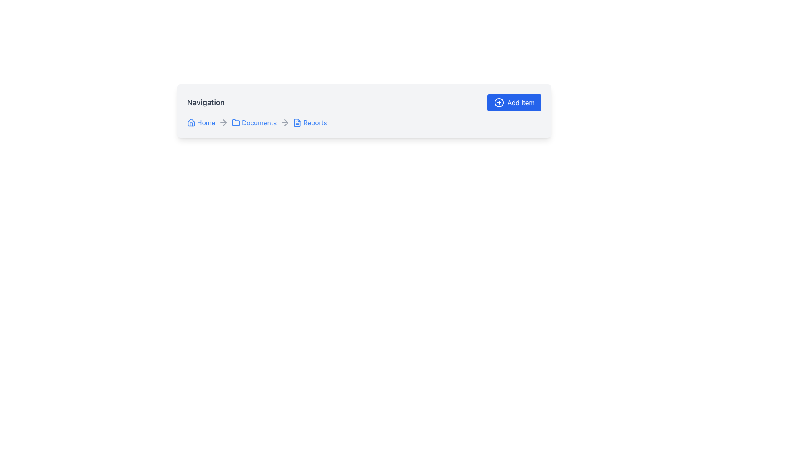  Describe the element at coordinates (499, 102) in the screenshot. I see `the circular add icon located within the 'Add Item' button at the top-right corner of the interface` at that location.